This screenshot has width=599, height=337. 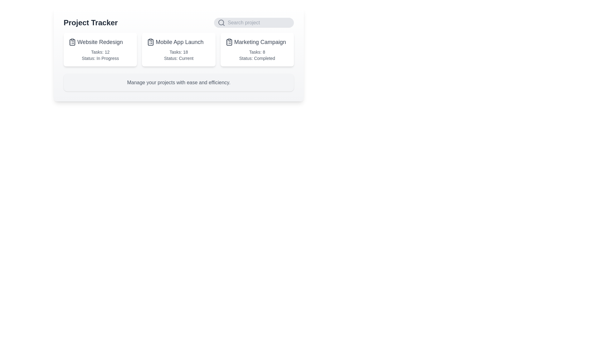 I want to click on text label displaying 'Marketing Campaign', which is a medium-sized dark gray font accompanied by a clipboard icon on its left side, located in the upper section of the third project card, so click(x=257, y=42).